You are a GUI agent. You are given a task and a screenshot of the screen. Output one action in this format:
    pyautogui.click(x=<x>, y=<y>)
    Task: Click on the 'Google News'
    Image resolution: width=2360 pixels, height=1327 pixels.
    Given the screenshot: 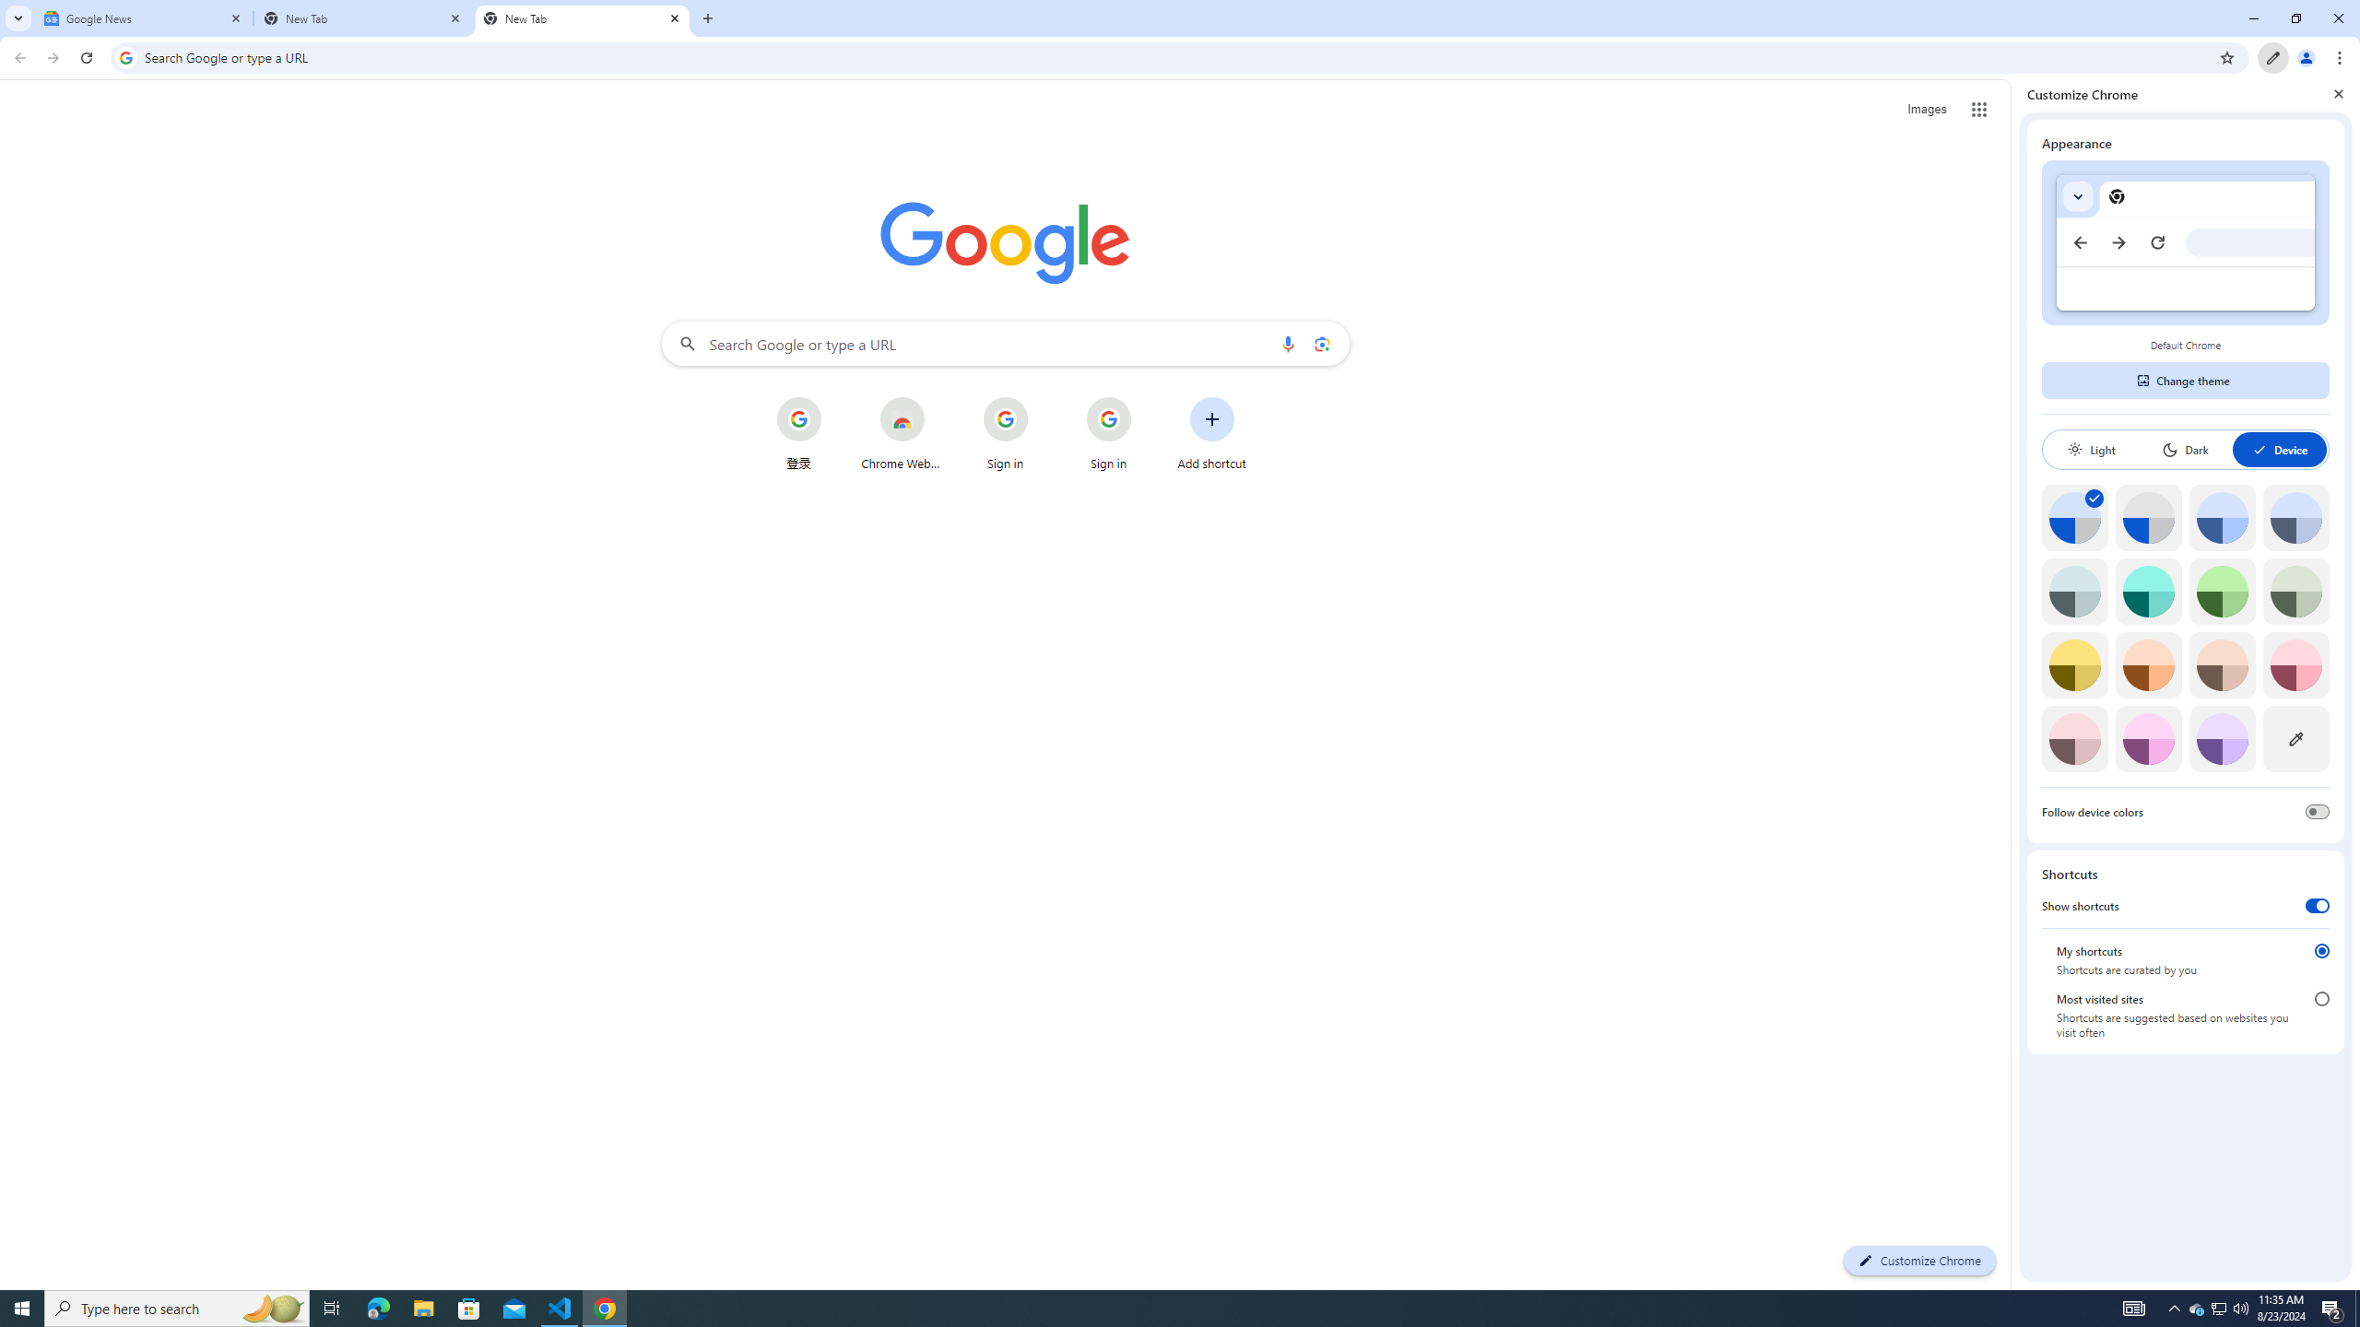 What is the action you would take?
    pyautogui.click(x=143, y=18)
    